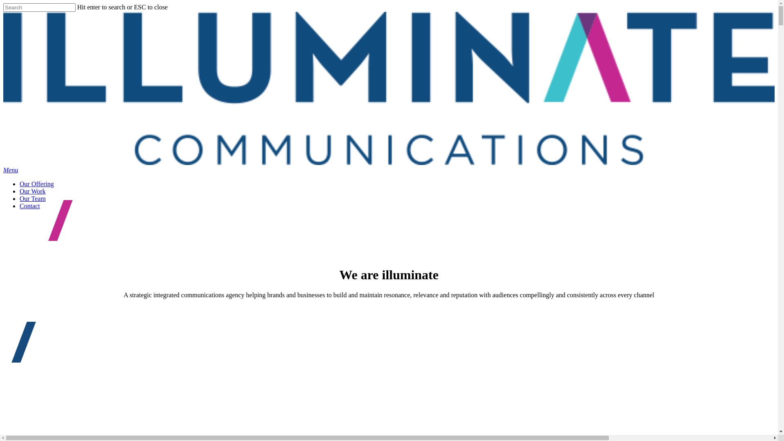 This screenshot has height=441, width=784. Describe the element at coordinates (36, 184) in the screenshot. I see `'Our Offering'` at that location.